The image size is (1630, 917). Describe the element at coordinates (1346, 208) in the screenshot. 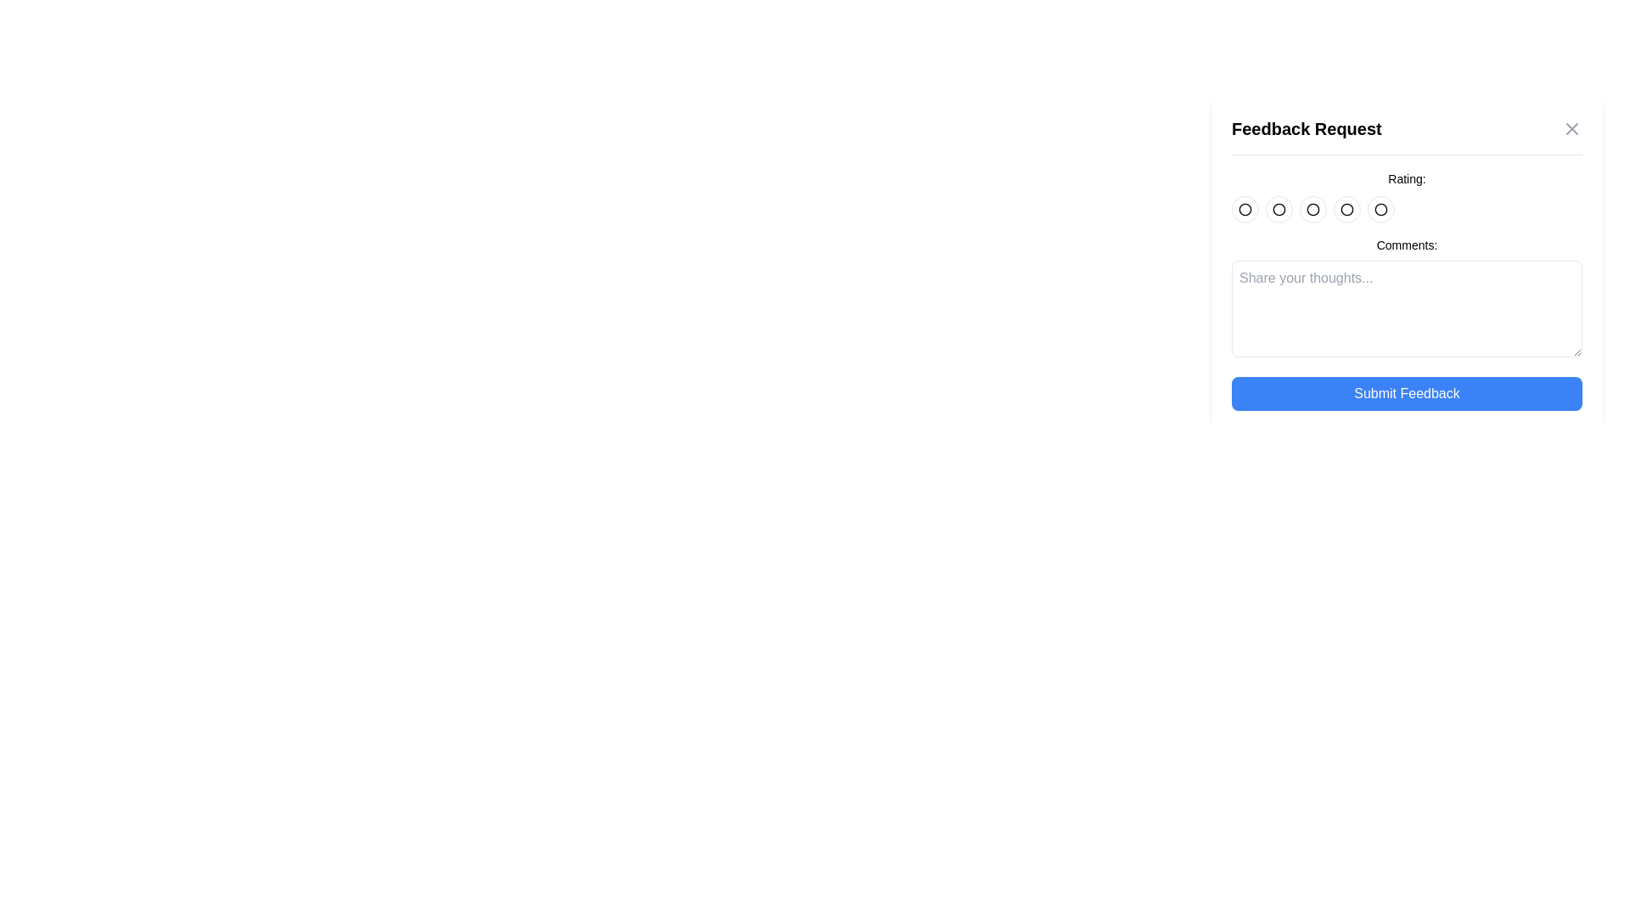

I see `the fifth circular radio button on the right side of the feedback form under the 'Rating:' label` at that location.